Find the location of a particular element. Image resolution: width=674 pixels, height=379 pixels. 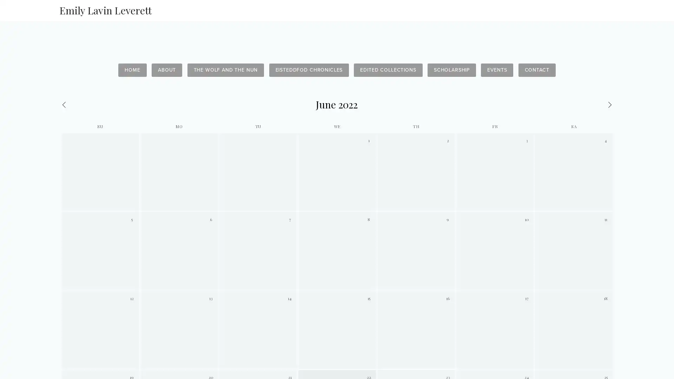

Go to previous month is located at coordinates (98, 104).